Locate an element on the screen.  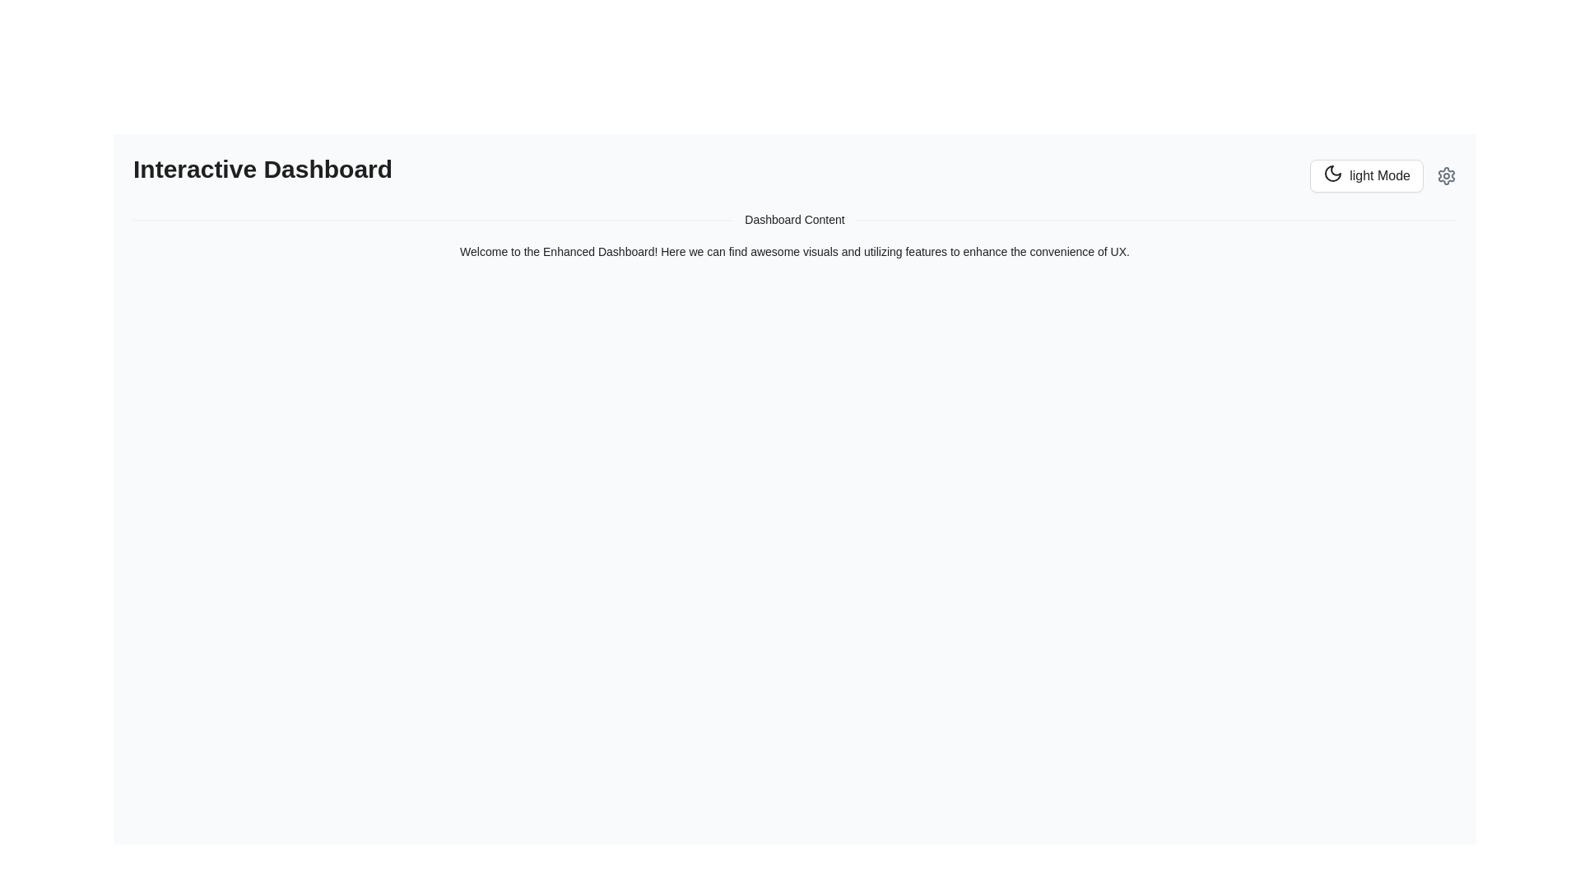
the Text label inside the button at the top-right corner of the interface is located at coordinates (1380, 175).